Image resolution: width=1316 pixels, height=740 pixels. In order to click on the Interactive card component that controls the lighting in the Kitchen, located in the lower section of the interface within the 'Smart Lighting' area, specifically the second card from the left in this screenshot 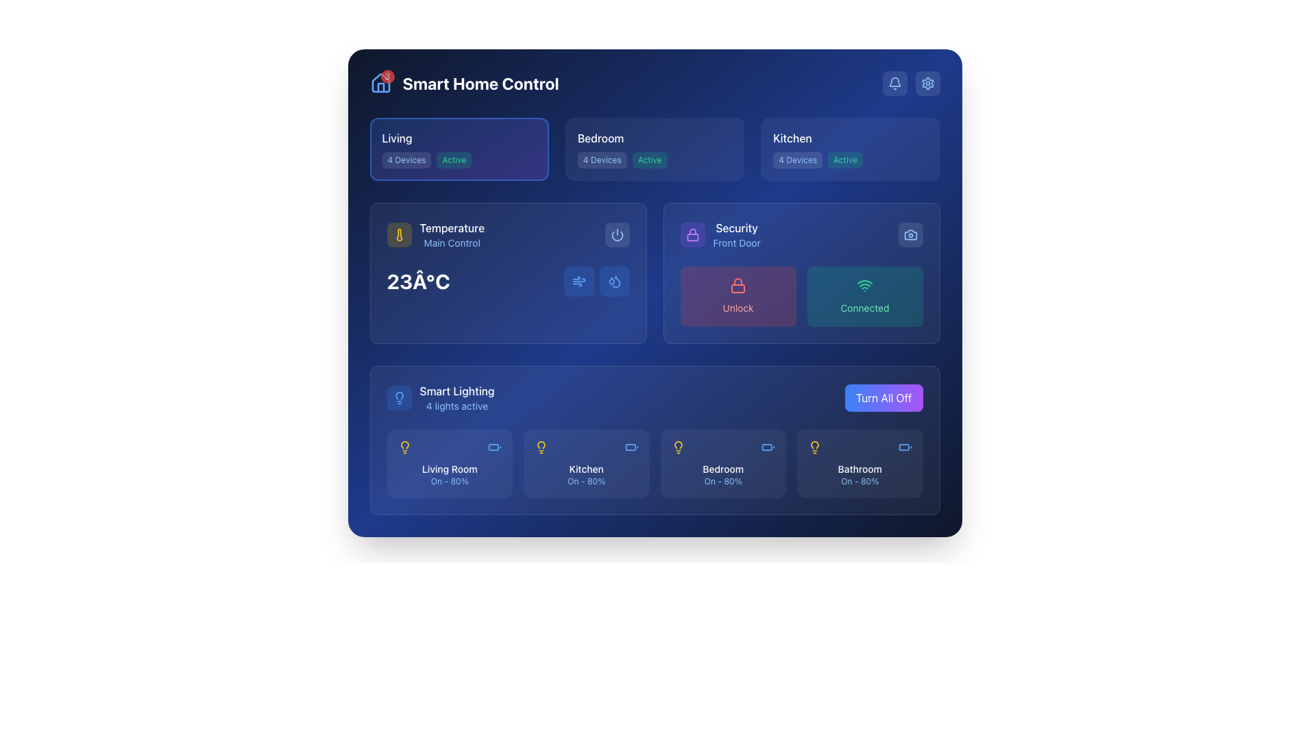, I will do `click(586, 463)`.